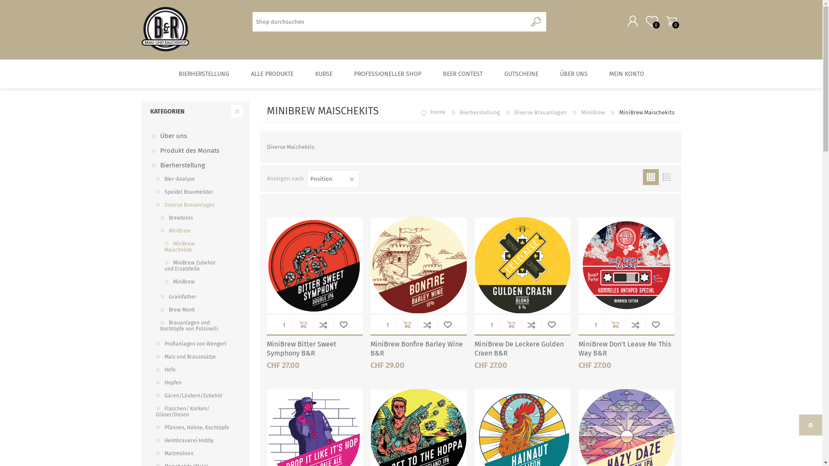 The height and width of the screenshot is (466, 829). What do you see at coordinates (314, 349) in the screenshot?
I see `'MiniBrew Bitter Sweet Symphony B&R'` at bounding box center [314, 349].